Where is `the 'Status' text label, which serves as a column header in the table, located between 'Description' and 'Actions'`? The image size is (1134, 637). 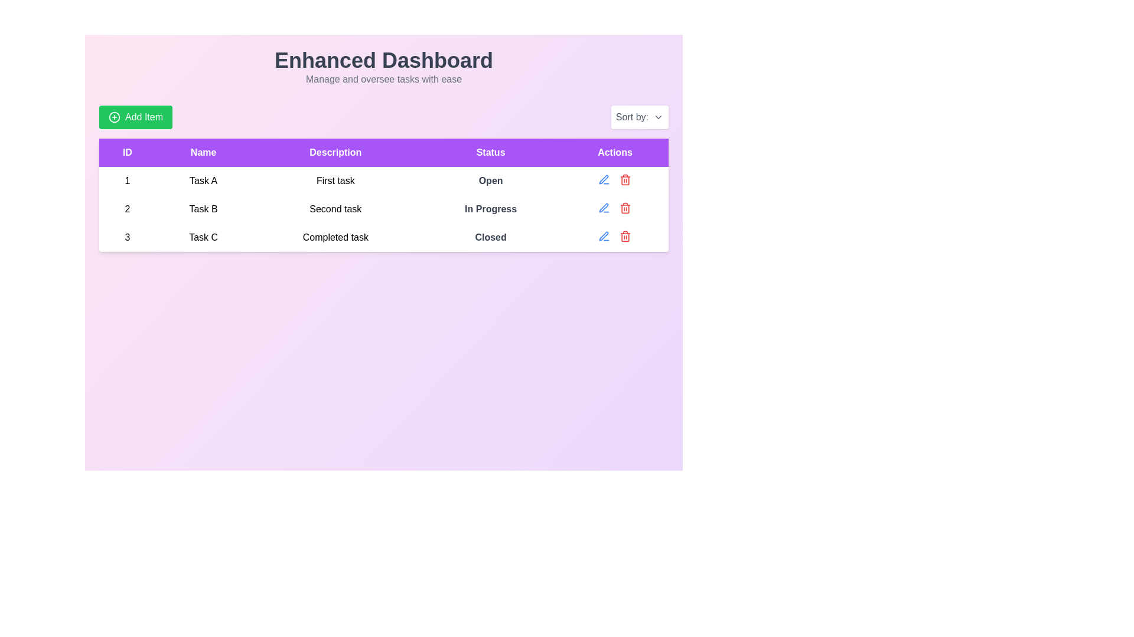
the 'Status' text label, which serves as a column header in the table, located between 'Description' and 'Actions' is located at coordinates (491, 152).